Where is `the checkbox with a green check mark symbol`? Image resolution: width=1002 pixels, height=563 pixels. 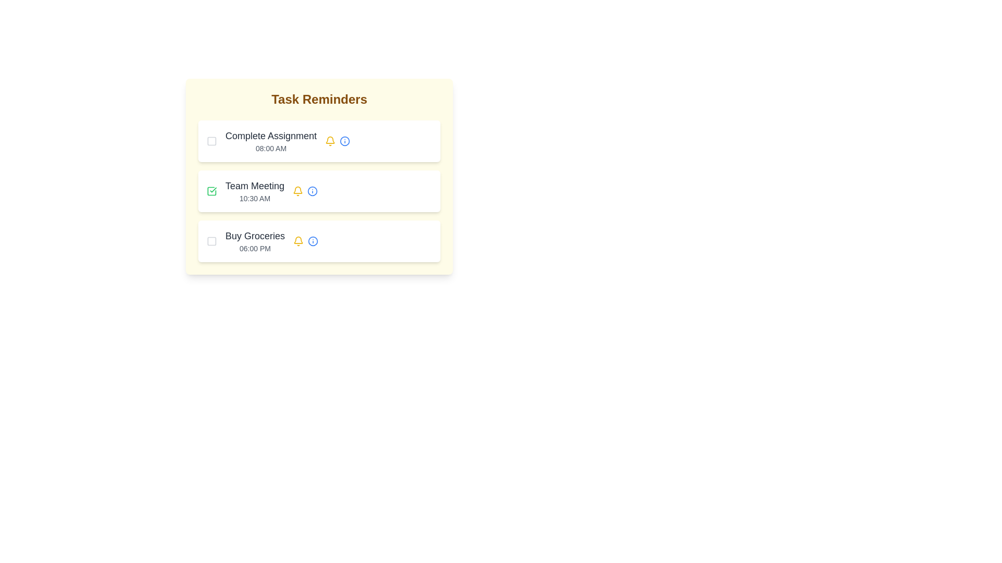
the checkbox with a green check mark symbol is located at coordinates (211, 191).